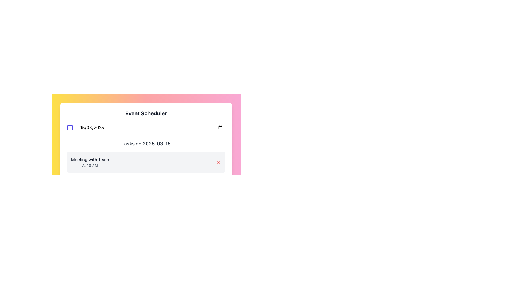  What do you see at coordinates (70, 128) in the screenshot?
I see `the decorative rectangle that serves as the main body of the indigo-colored calendar icon, positioned to the left of the date input field displaying '15/03/2025'` at bounding box center [70, 128].